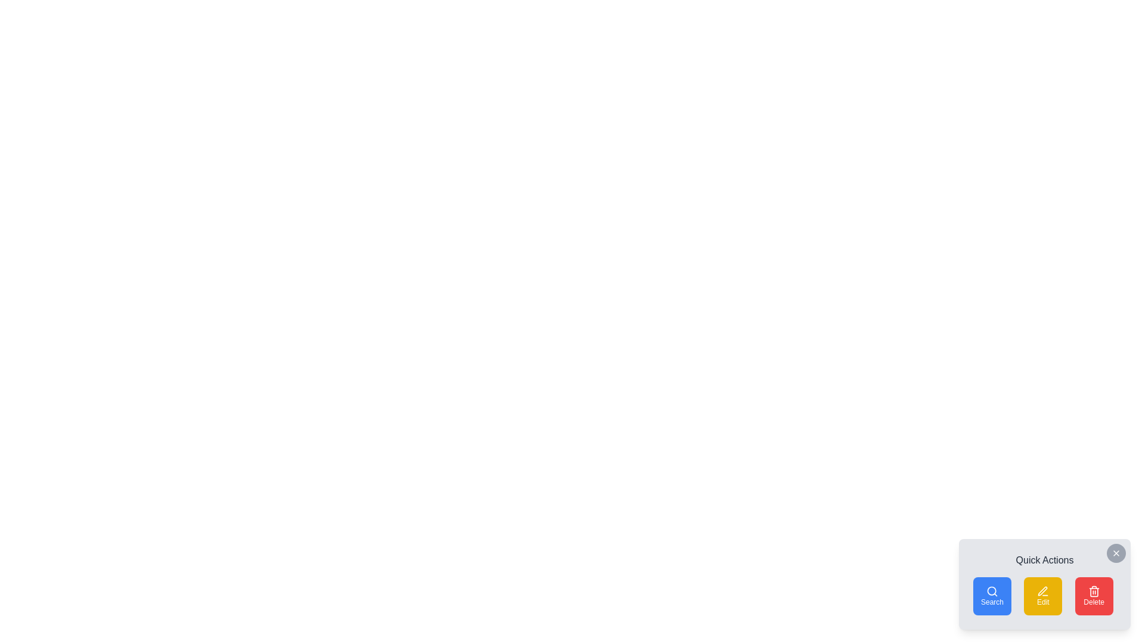 This screenshot has height=644, width=1145. I want to click on the first square button with a rounded blue background containing a magnifying glass icon and a 'Search' label, so click(992, 596).